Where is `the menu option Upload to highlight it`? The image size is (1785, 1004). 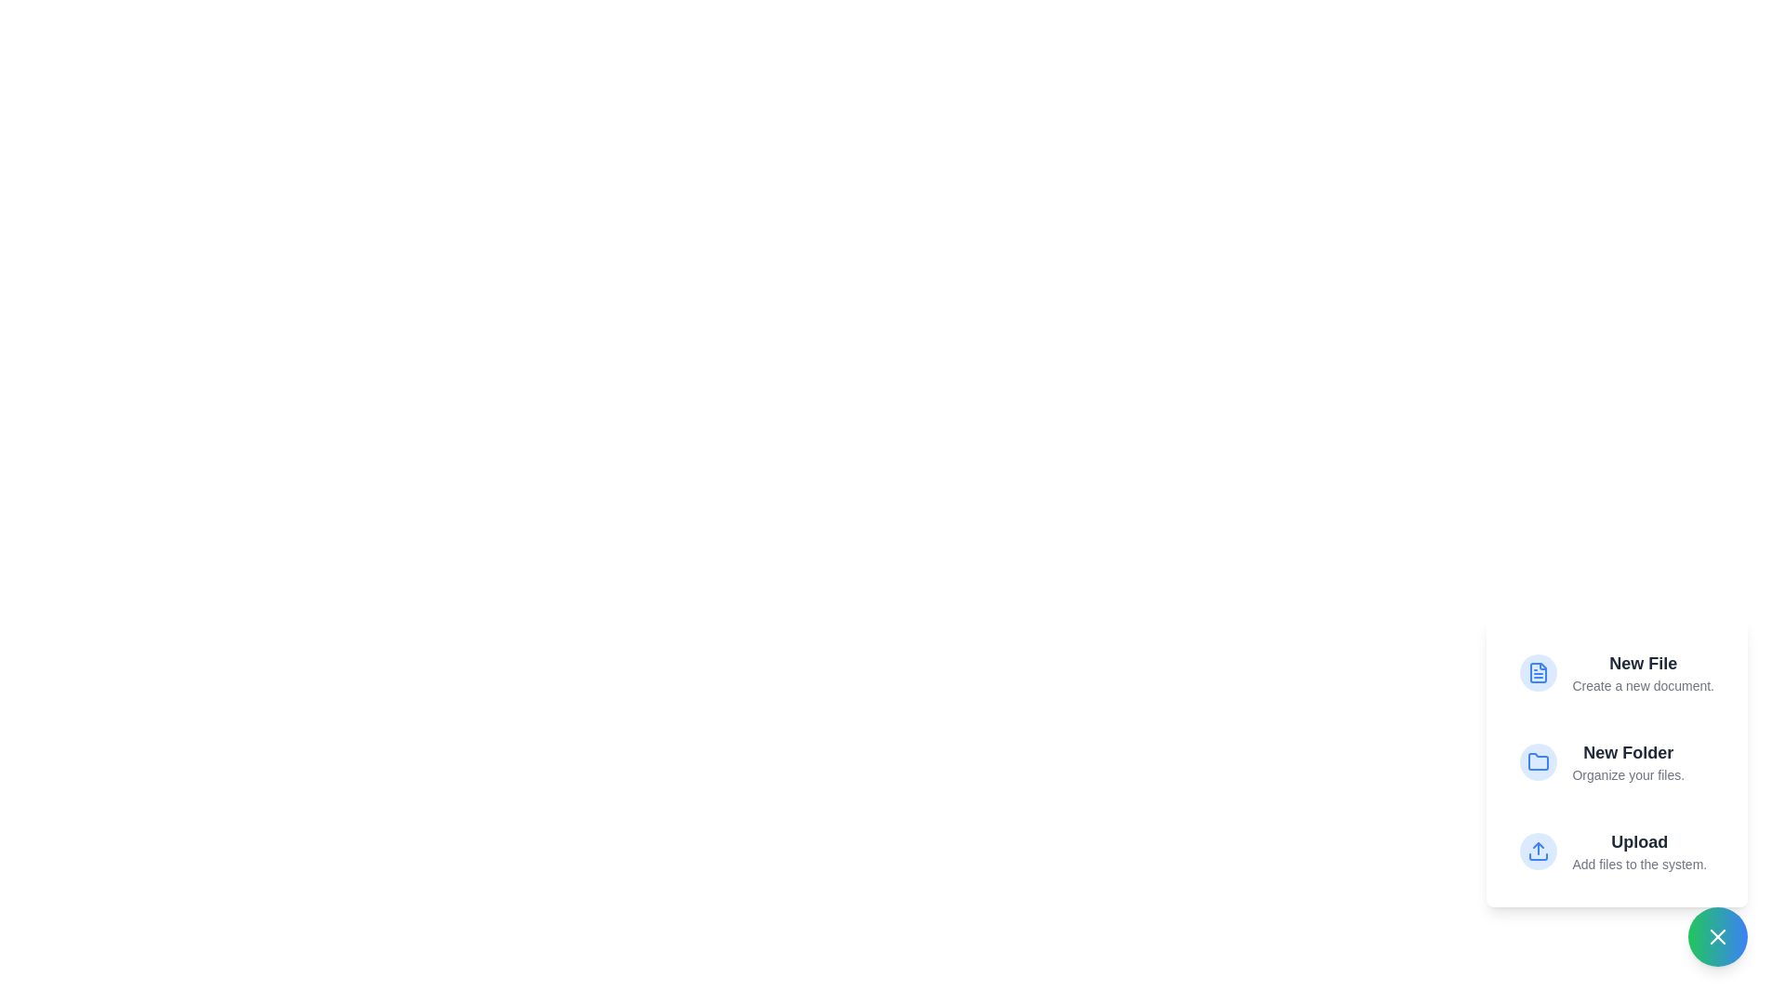
the menu option Upload to highlight it is located at coordinates (1616, 851).